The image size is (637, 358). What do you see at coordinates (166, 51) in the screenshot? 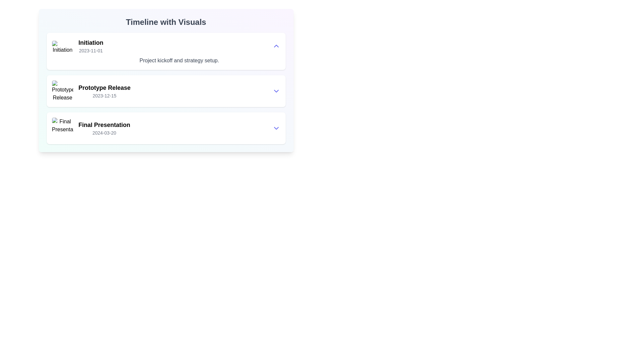
I see `the first list item in the 'Timeline with Visuals' section that provides an overview of the 'Initiation' event` at bounding box center [166, 51].